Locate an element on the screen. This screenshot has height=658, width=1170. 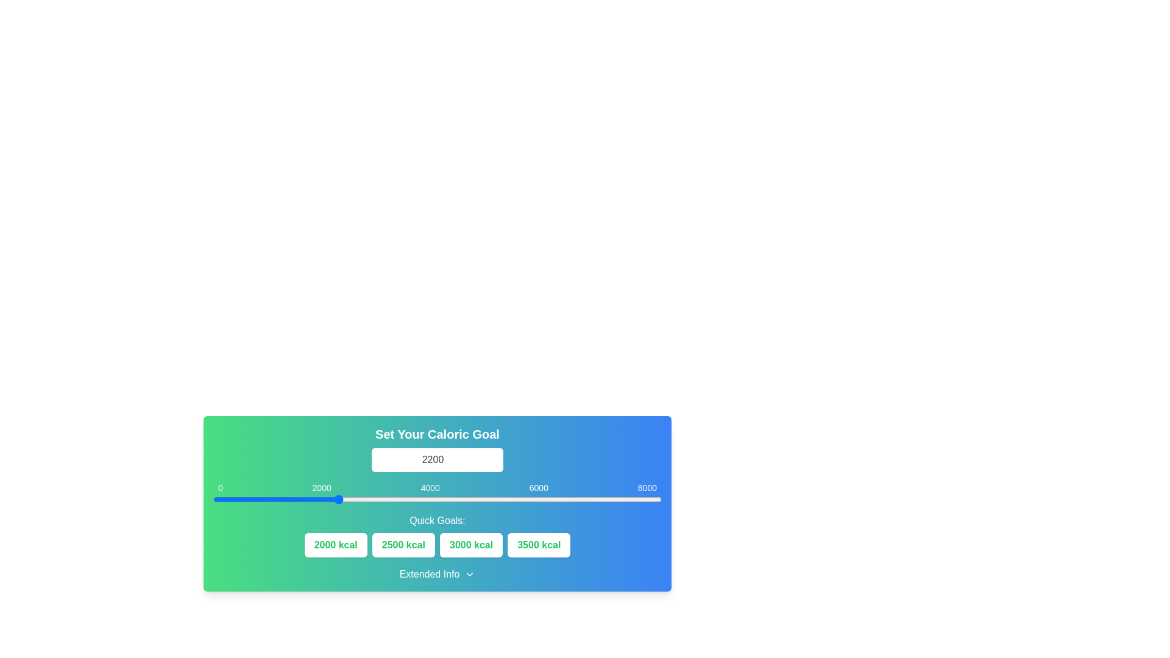
the fourth button in a horizontal series of four buttons that sets a caloric goal of 3500 kcal, located in the bottom section of the interface is located at coordinates (538, 544).